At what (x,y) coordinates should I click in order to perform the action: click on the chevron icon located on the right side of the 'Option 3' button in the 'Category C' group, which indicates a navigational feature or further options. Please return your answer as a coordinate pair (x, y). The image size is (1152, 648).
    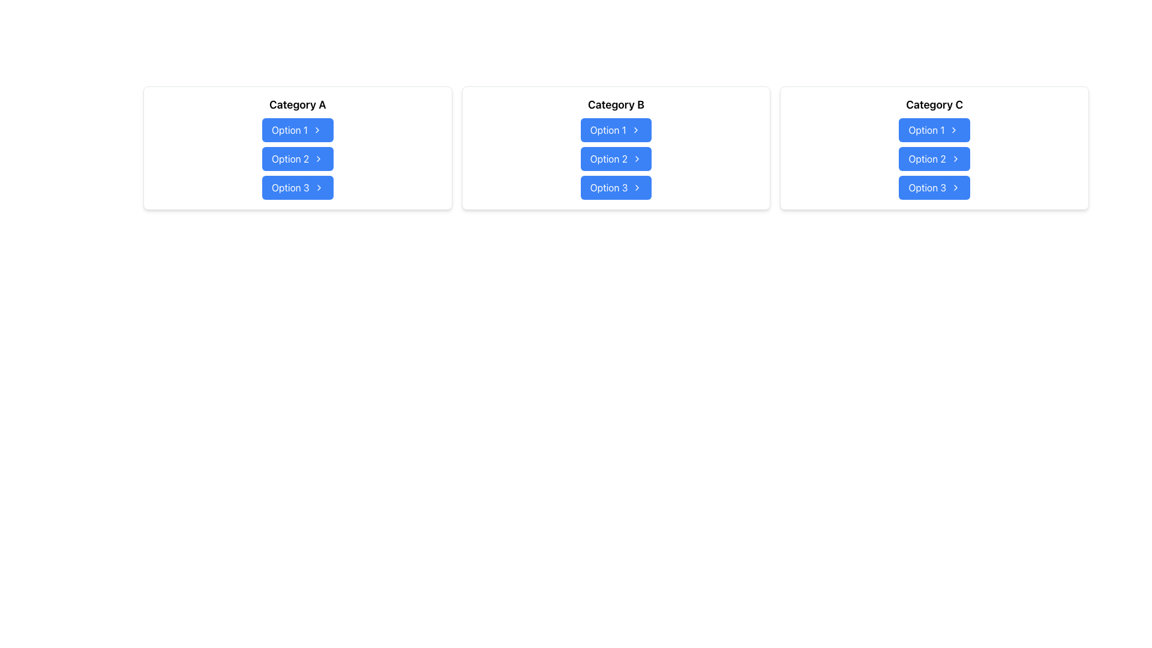
    Looking at the image, I should click on (955, 187).